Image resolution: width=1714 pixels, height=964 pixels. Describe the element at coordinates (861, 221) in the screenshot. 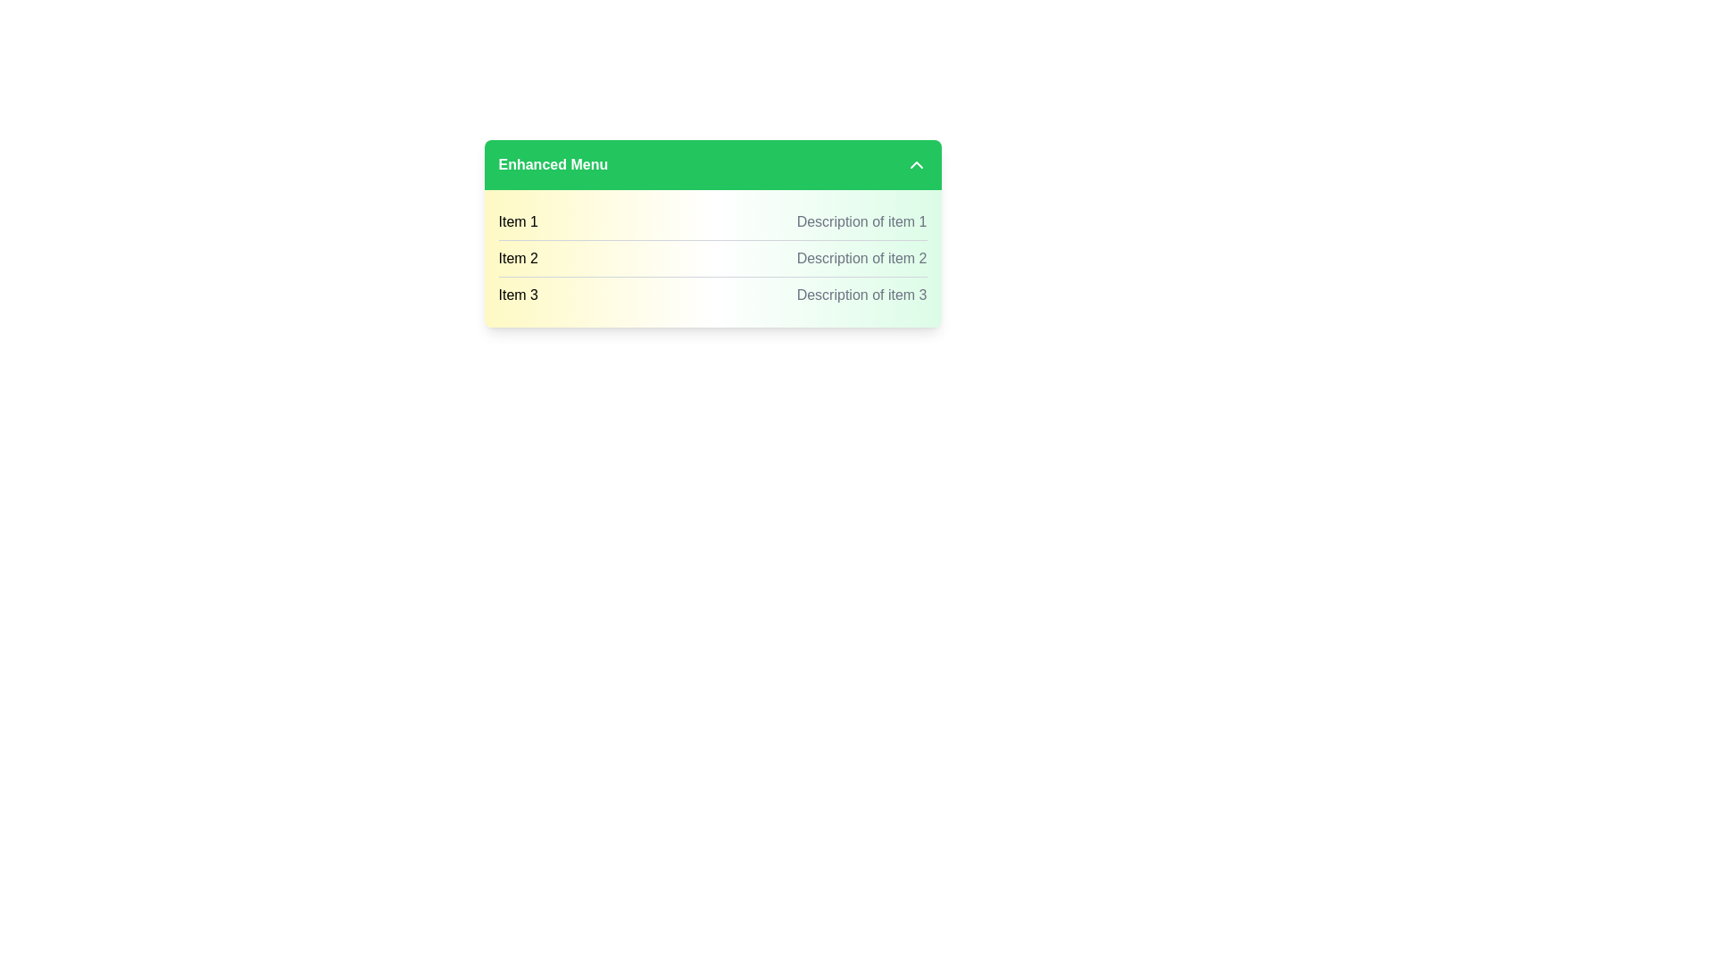

I see `the text element displaying 'Description of item 1', which is styled with a gray font color and truncates overflow text, located in the second column of a row with a light yellow background` at that location.